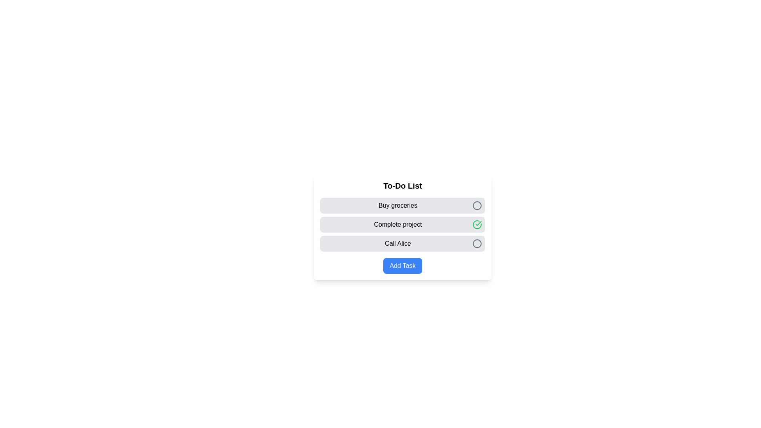 Image resolution: width=761 pixels, height=428 pixels. Describe the element at coordinates (403, 225) in the screenshot. I see `the second task item in the to-do list that has a light grey background, rounded corners, and contains the text 'Complete project' with a strike-through font style, along with a green checkmark icon to the right` at that location.